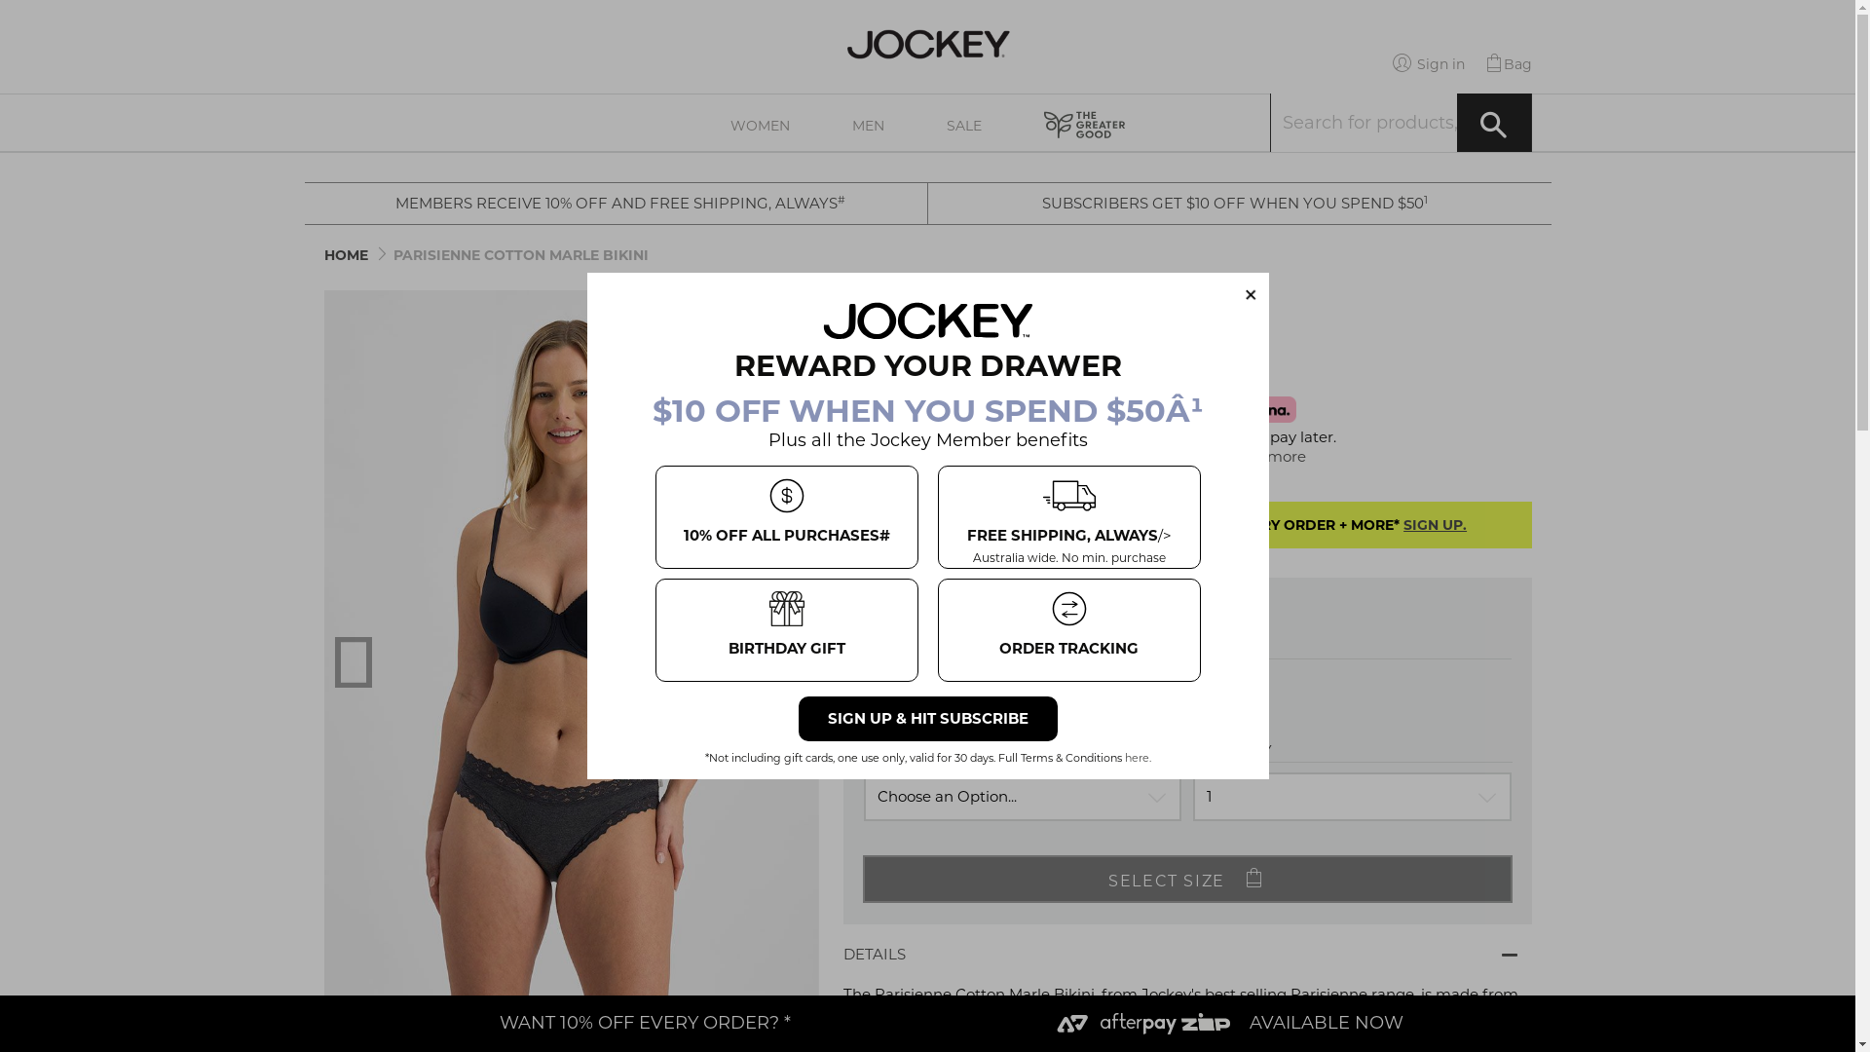 Image resolution: width=1870 pixels, height=1052 pixels. I want to click on 'SIGN UP & HIT SUBSCRIBE', so click(927, 718).